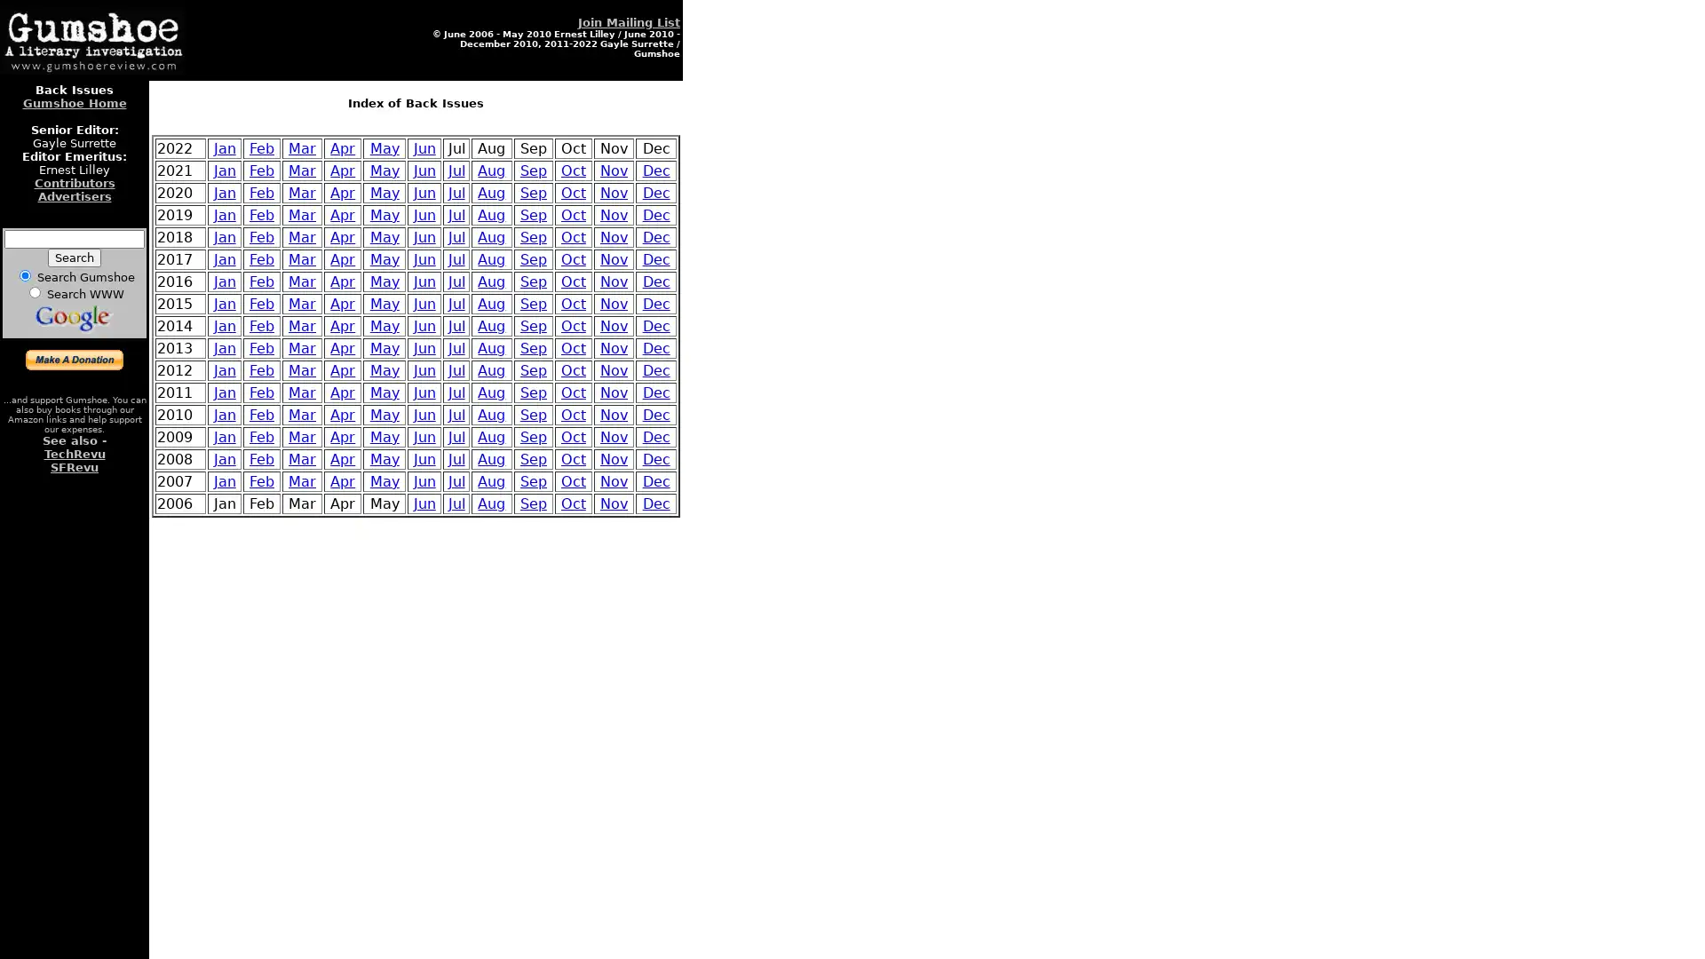 The width and height of the screenshot is (1705, 959). I want to click on Search, so click(73, 258).